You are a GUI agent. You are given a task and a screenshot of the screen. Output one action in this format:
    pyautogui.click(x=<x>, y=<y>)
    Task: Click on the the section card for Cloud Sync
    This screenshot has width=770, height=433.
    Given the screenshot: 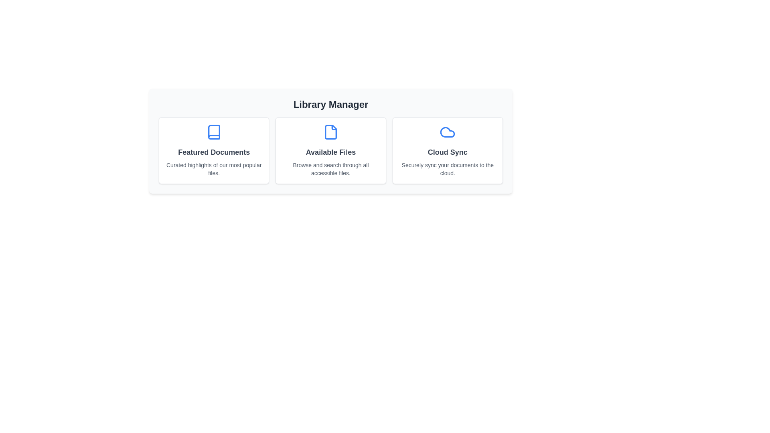 What is the action you would take?
    pyautogui.click(x=447, y=150)
    